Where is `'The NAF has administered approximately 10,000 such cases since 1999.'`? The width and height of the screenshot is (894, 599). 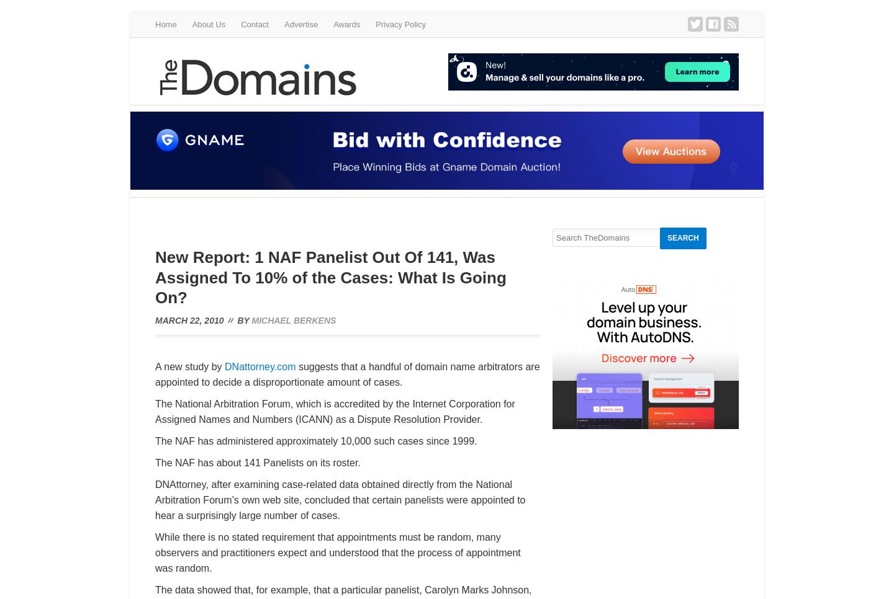
'The NAF has administered approximately 10,000 such cases since 1999.' is located at coordinates (315, 440).